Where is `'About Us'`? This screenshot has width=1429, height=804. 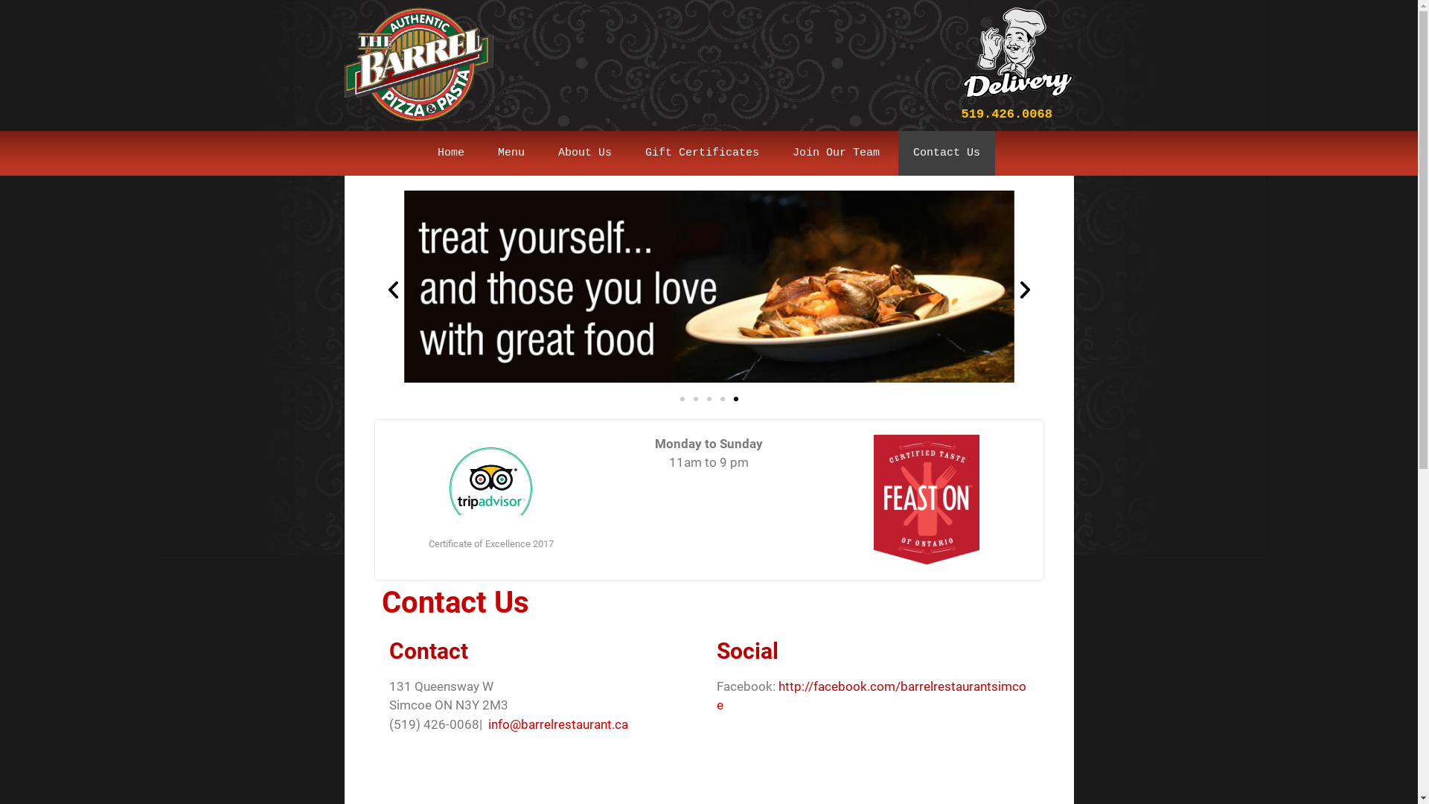 'About Us' is located at coordinates (584, 153).